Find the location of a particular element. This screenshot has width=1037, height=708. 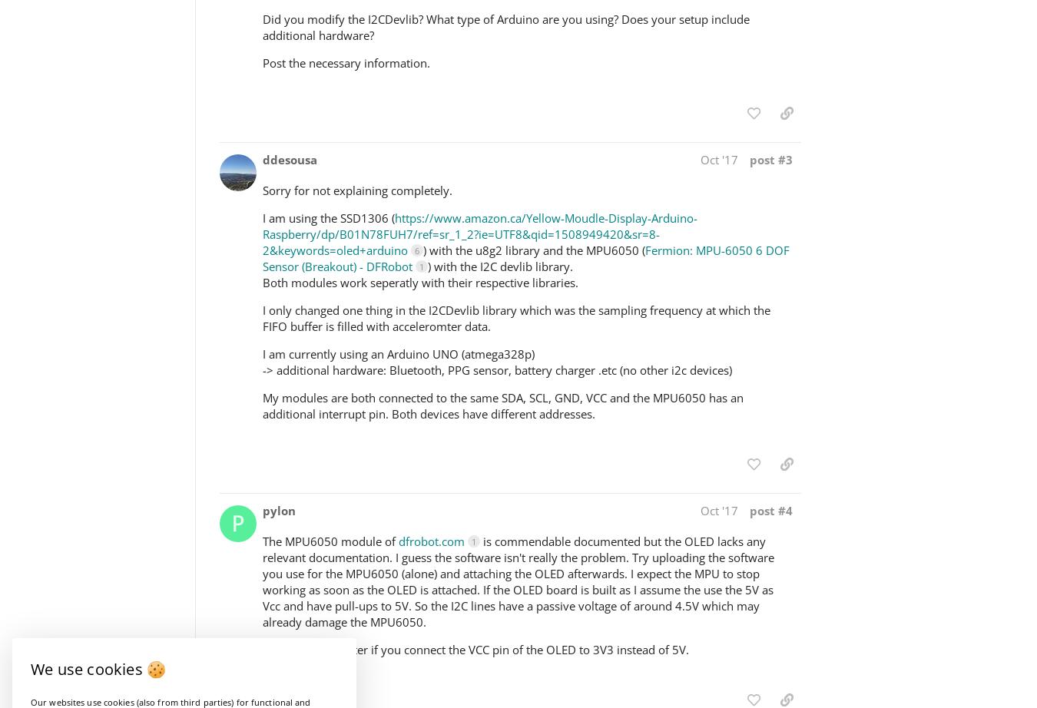

') with the u8g2 library and the MPU6050 (' is located at coordinates (532, 249).